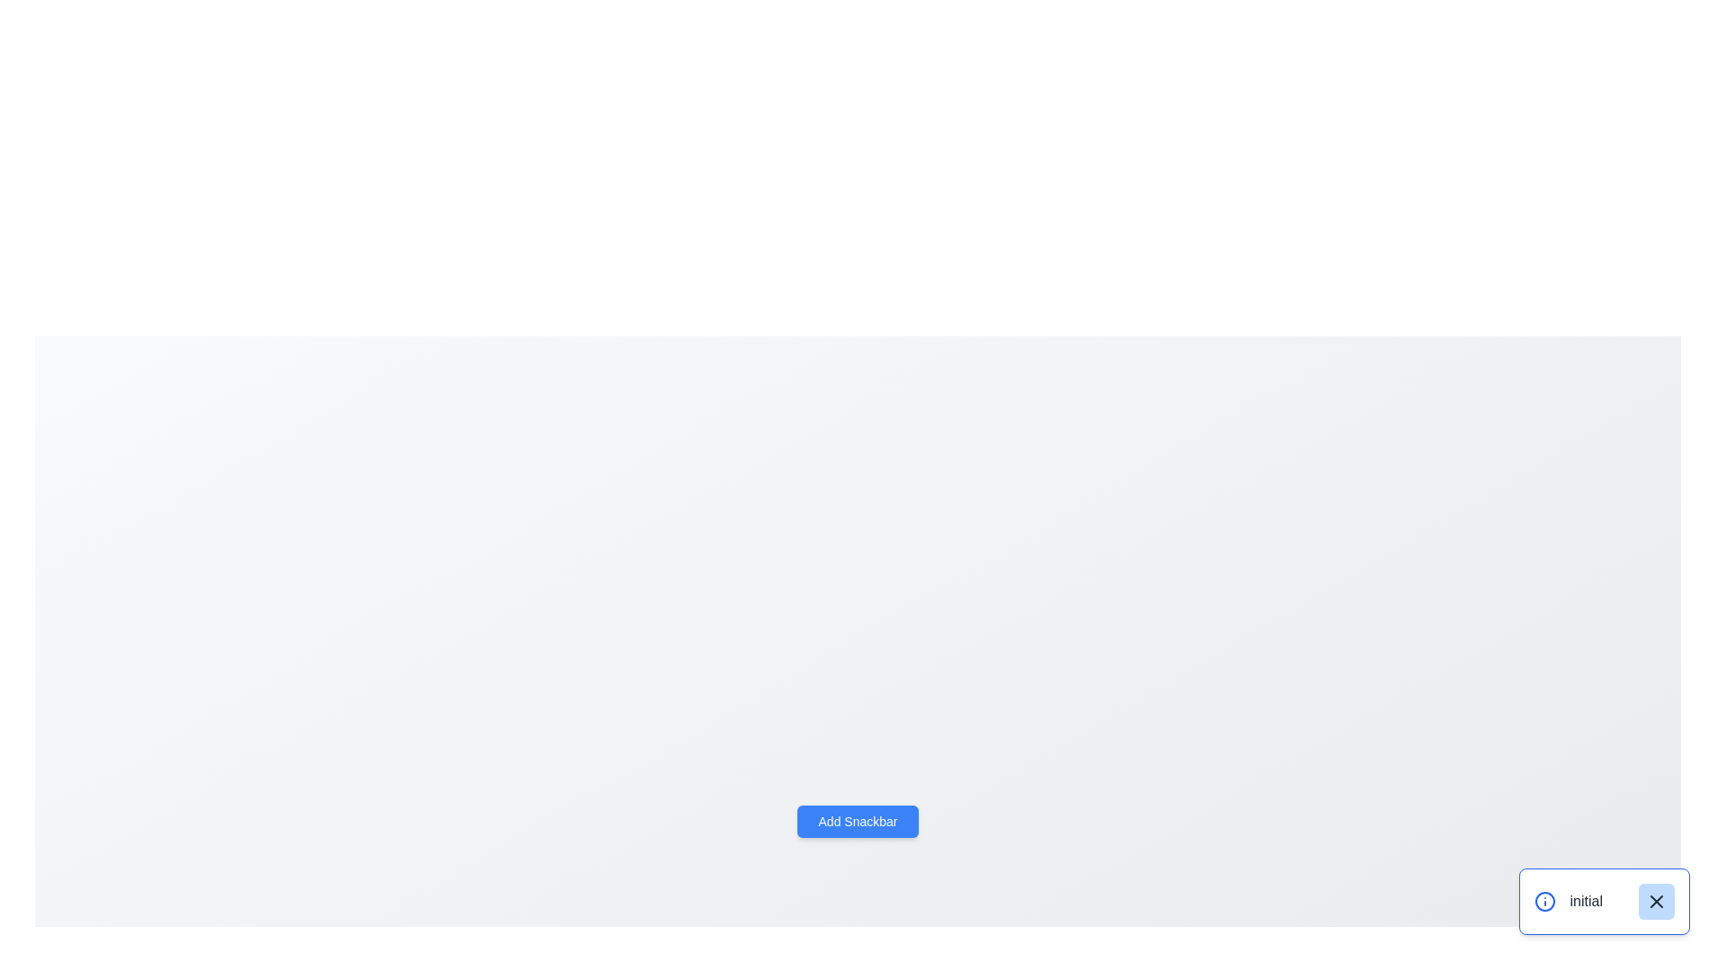 This screenshot has width=1726, height=971. What do you see at coordinates (857, 822) in the screenshot?
I see `the blue rectangular button labeled 'Add Snackbar' with bold white text` at bounding box center [857, 822].